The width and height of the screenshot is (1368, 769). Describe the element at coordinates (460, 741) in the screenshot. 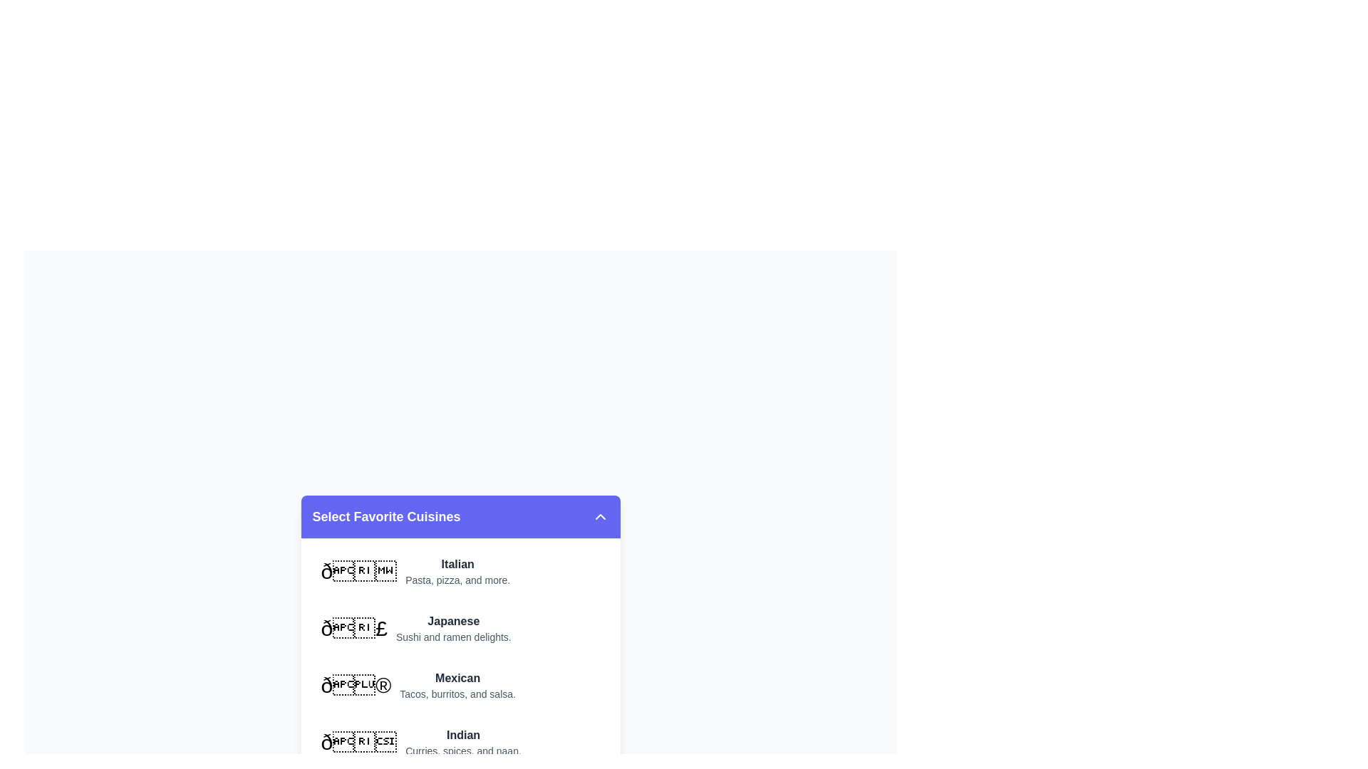

I see `the fourth selectable list item displaying 'Indian' with the description 'Curries, spices, and naan.'` at that location.